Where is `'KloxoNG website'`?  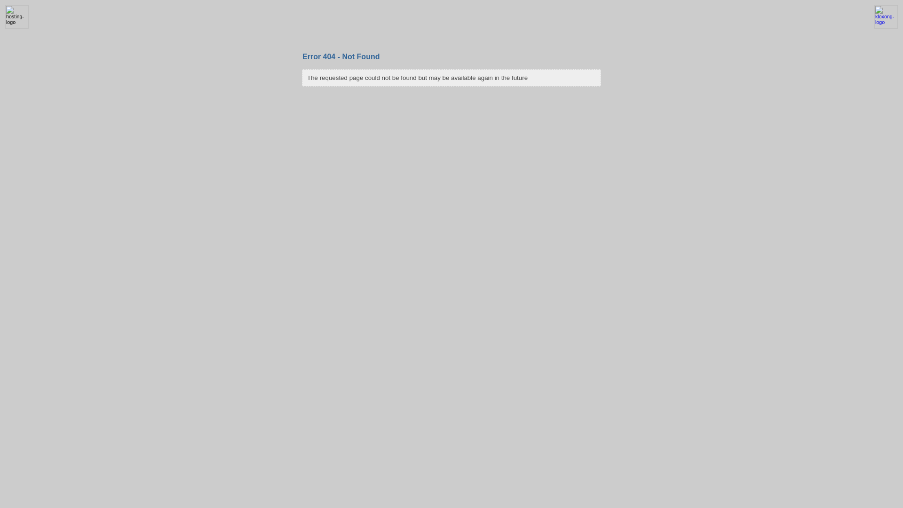
'KloxoNG website' is located at coordinates (885, 26).